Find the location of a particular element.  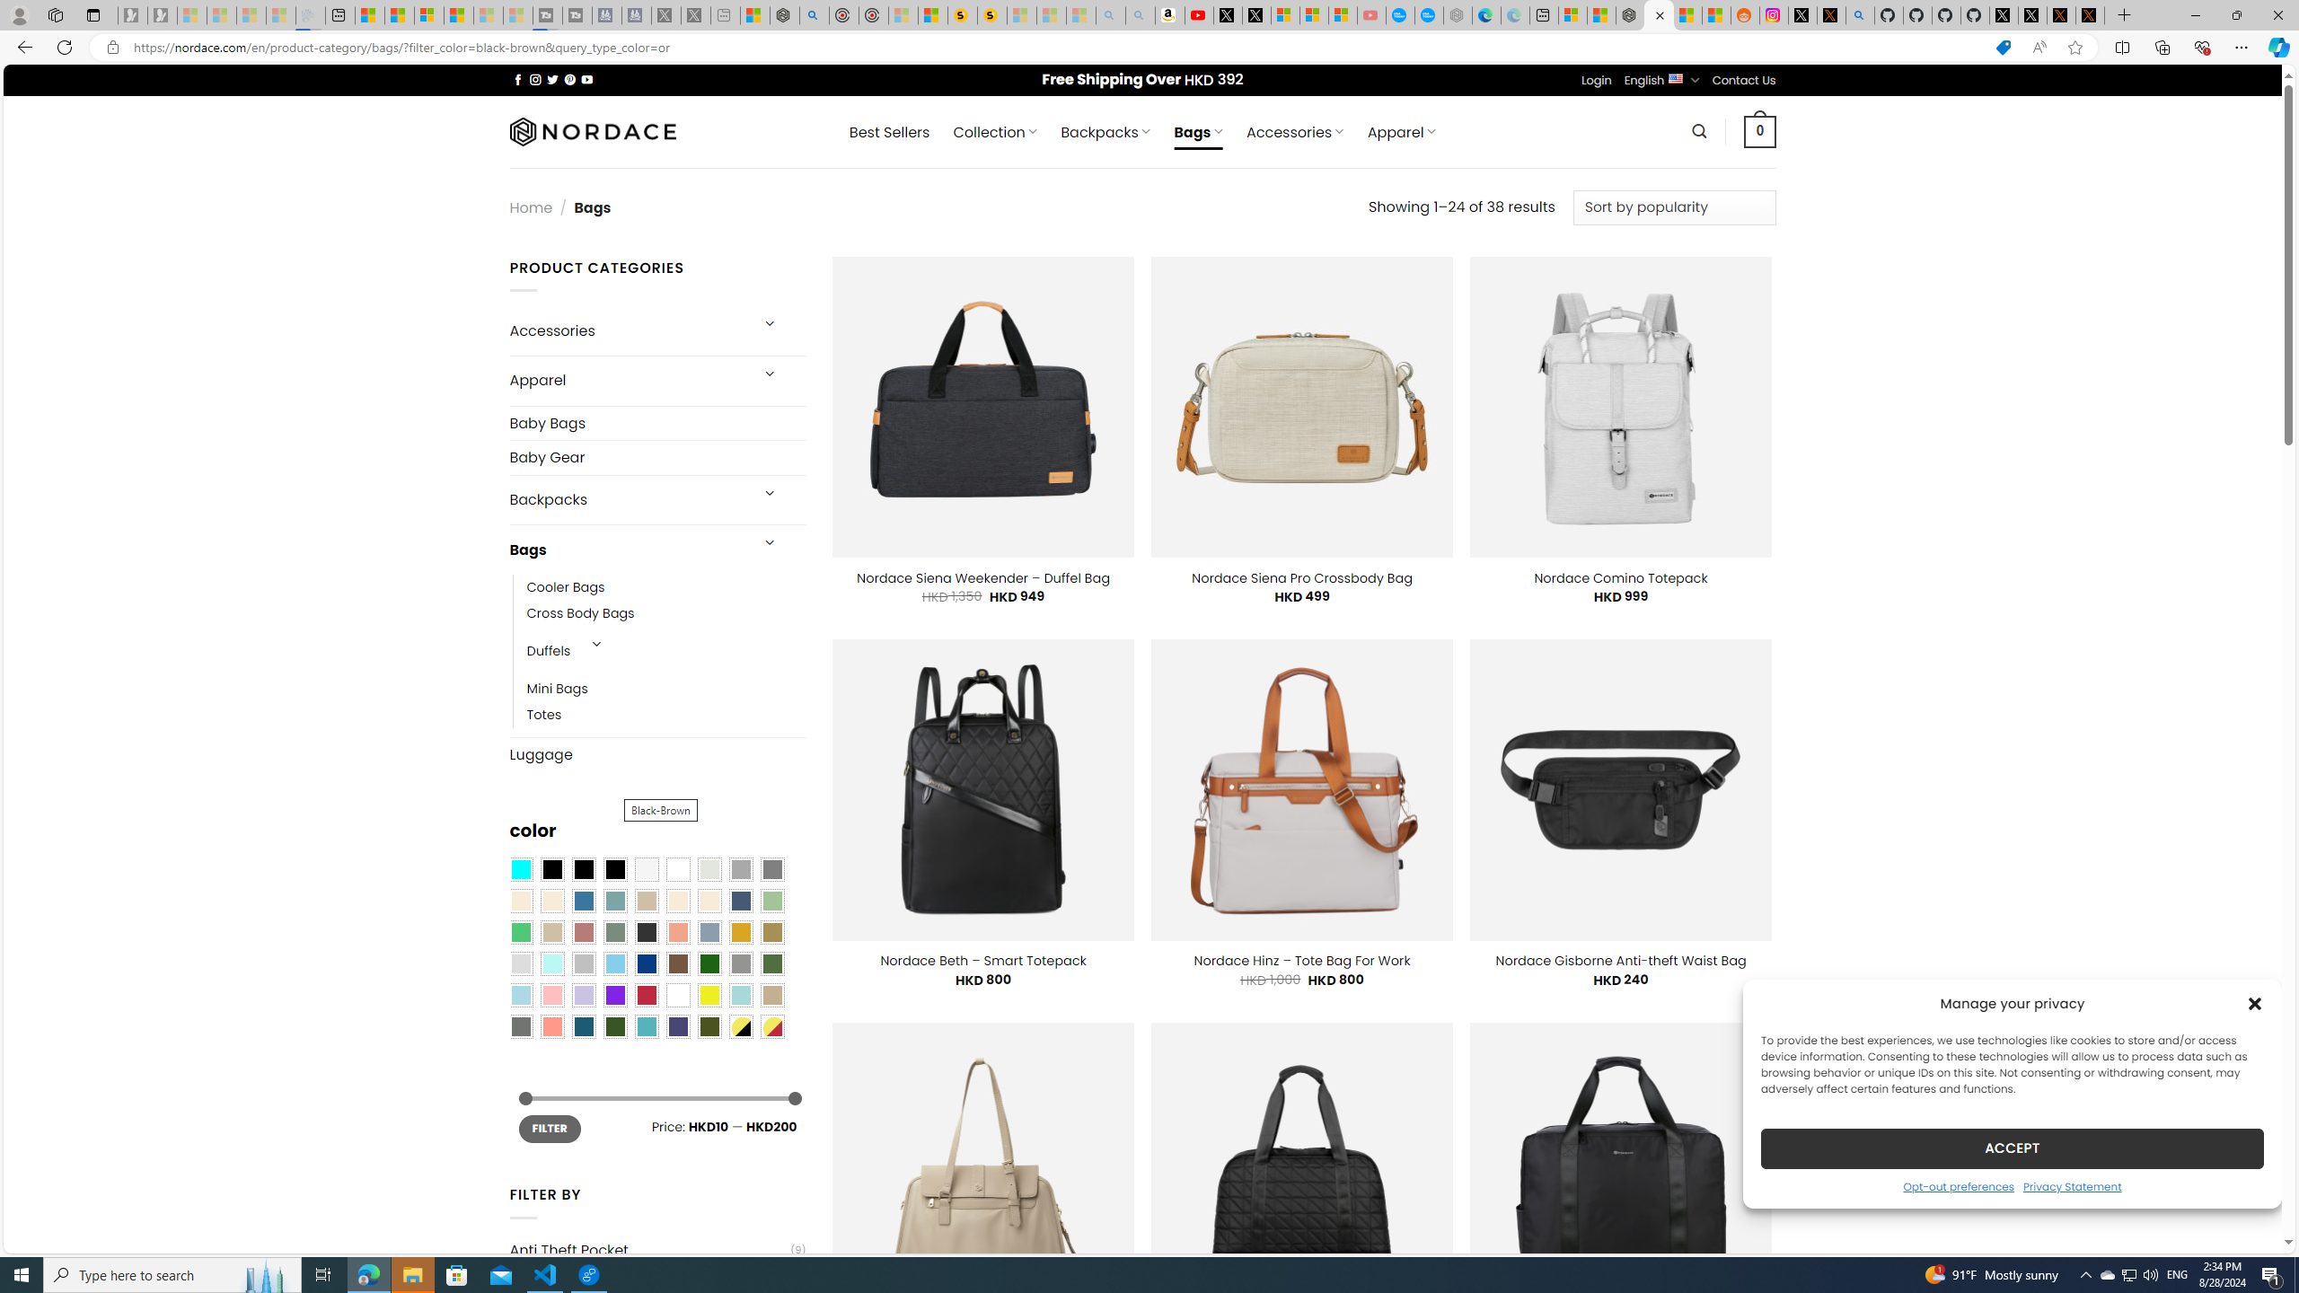

'Day 1: Arriving in Yemen (surreal to be here) - YouTube' is located at coordinates (1198, 14).